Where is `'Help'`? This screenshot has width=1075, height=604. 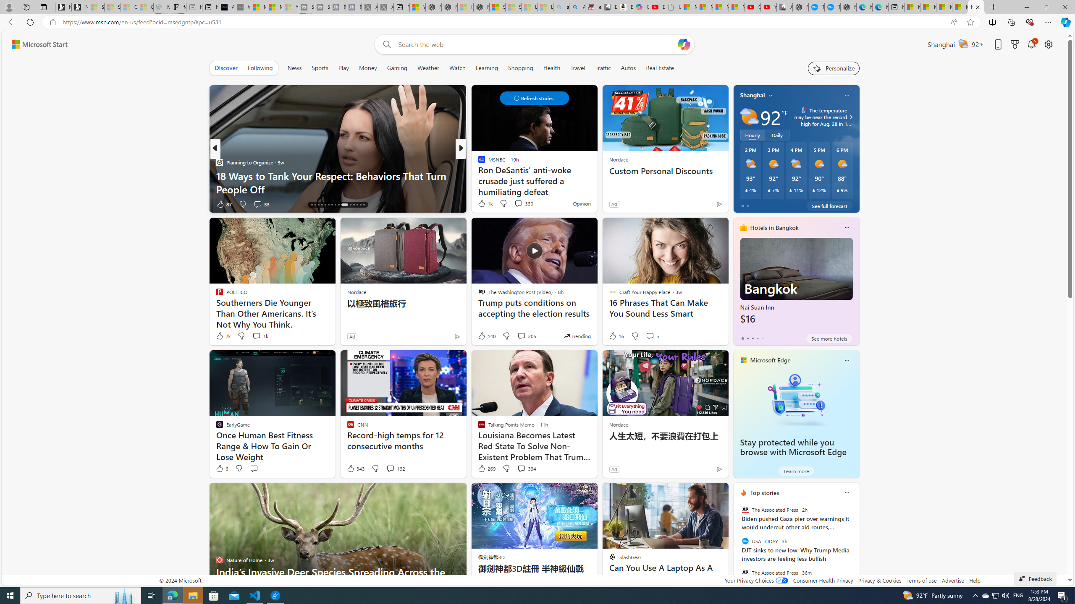 'Help' is located at coordinates (974, 580).